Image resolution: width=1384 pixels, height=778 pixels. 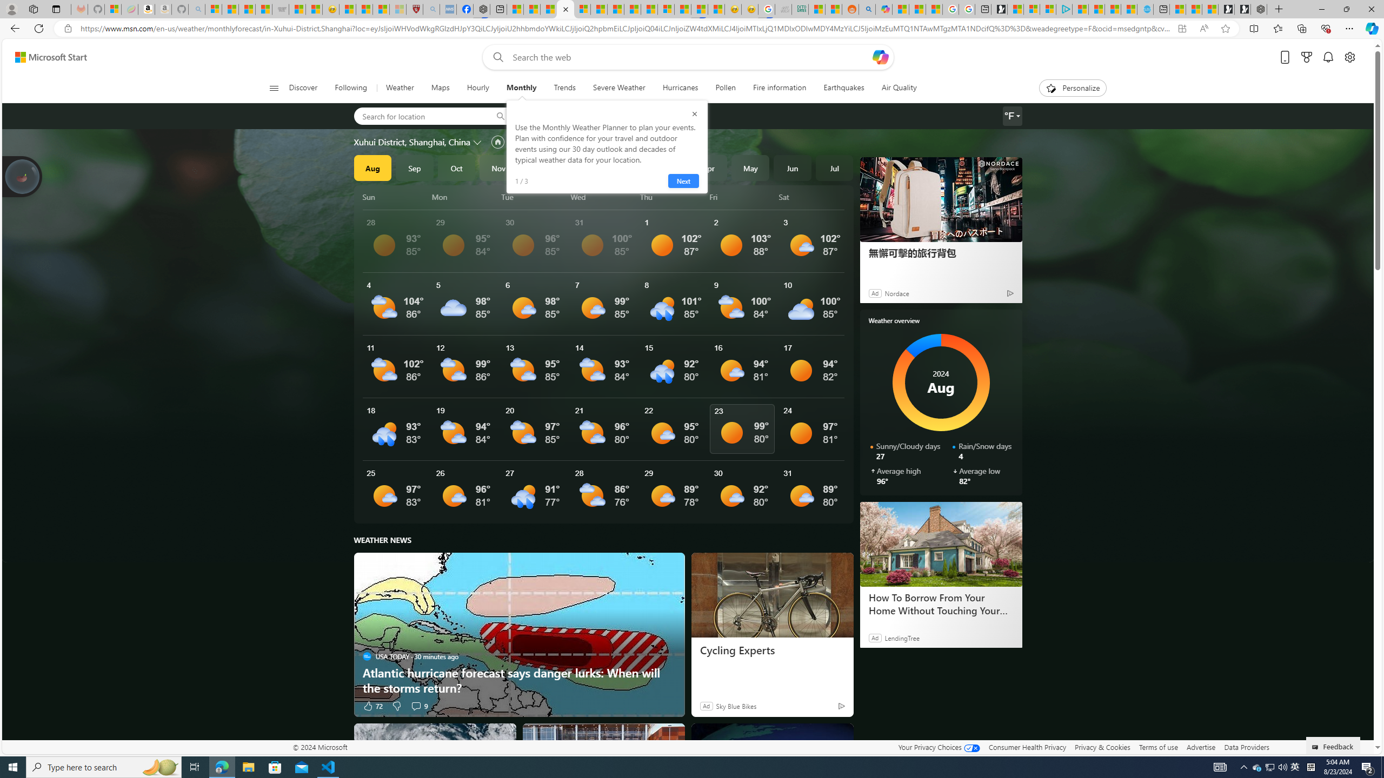 What do you see at coordinates (939, 747) in the screenshot?
I see `'Your Privacy Choices'` at bounding box center [939, 747].